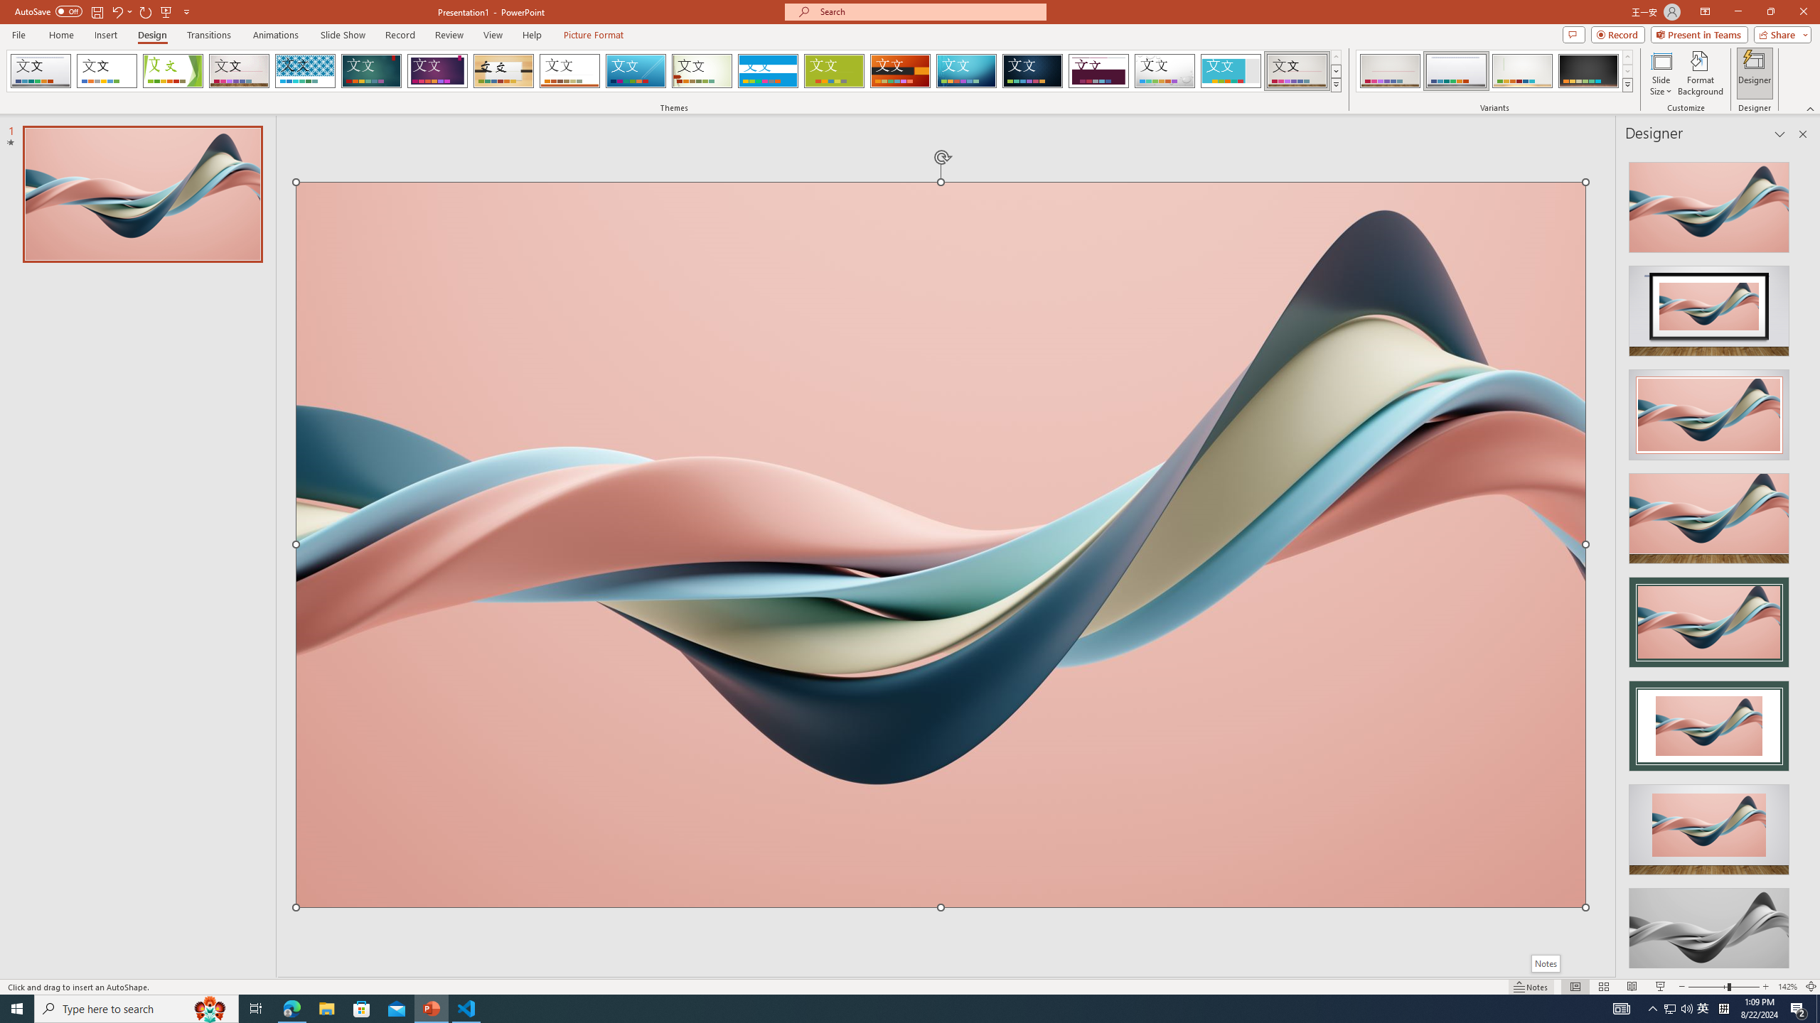 The height and width of the screenshot is (1023, 1820). I want to click on 'Droplet', so click(1165, 70).